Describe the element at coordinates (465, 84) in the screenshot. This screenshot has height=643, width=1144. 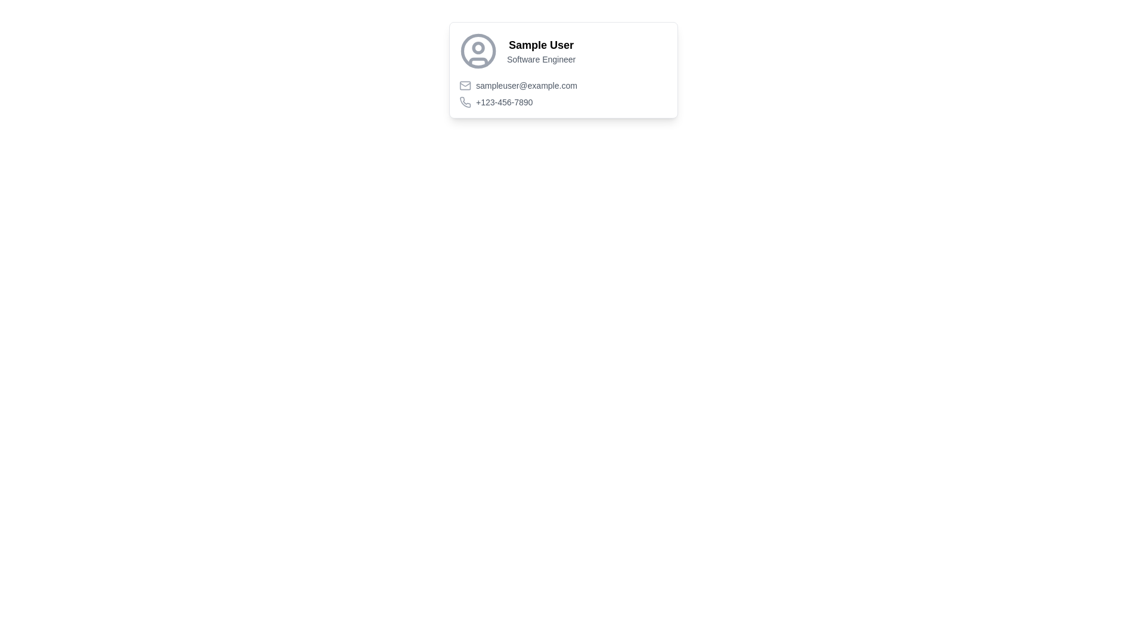
I see `the email icon represented by a minimalistic diagonal line crossing a rectangular shape, located to the left of the email address text in the user profile card` at that location.